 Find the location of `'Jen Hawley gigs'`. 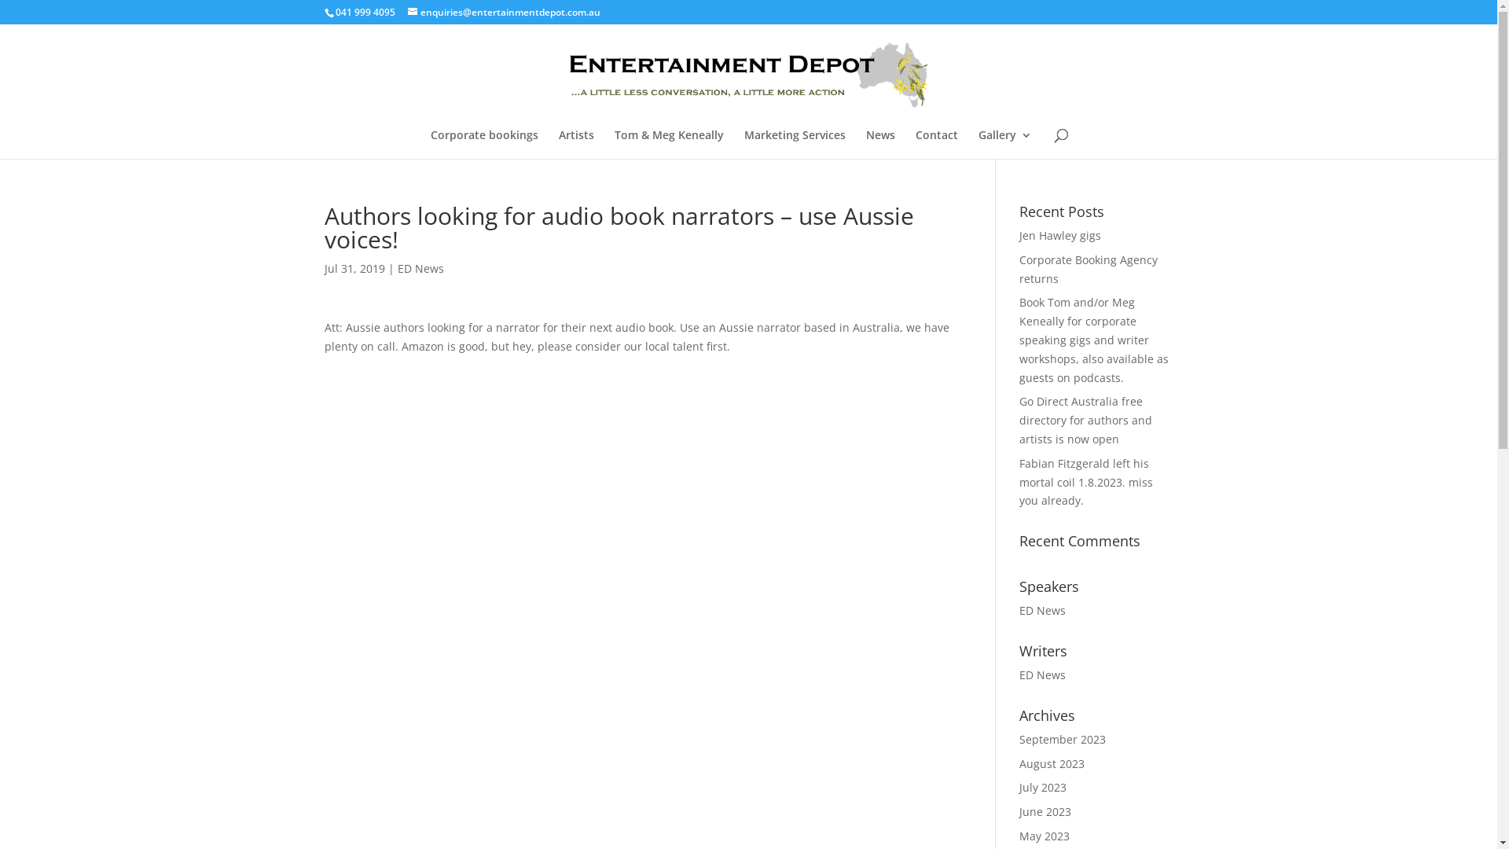

'Jen Hawley gigs' is located at coordinates (1059, 235).